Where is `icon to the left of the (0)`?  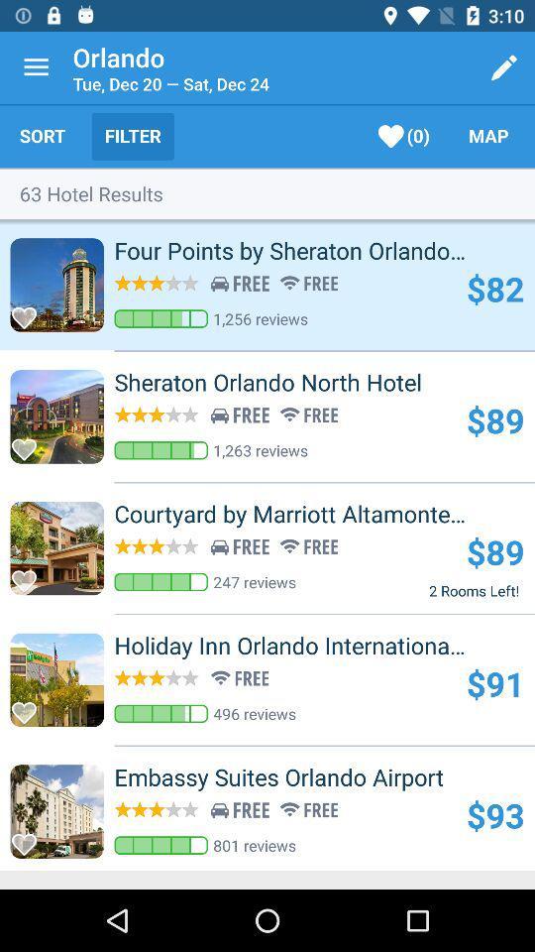 icon to the left of the (0) is located at coordinates (133, 135).